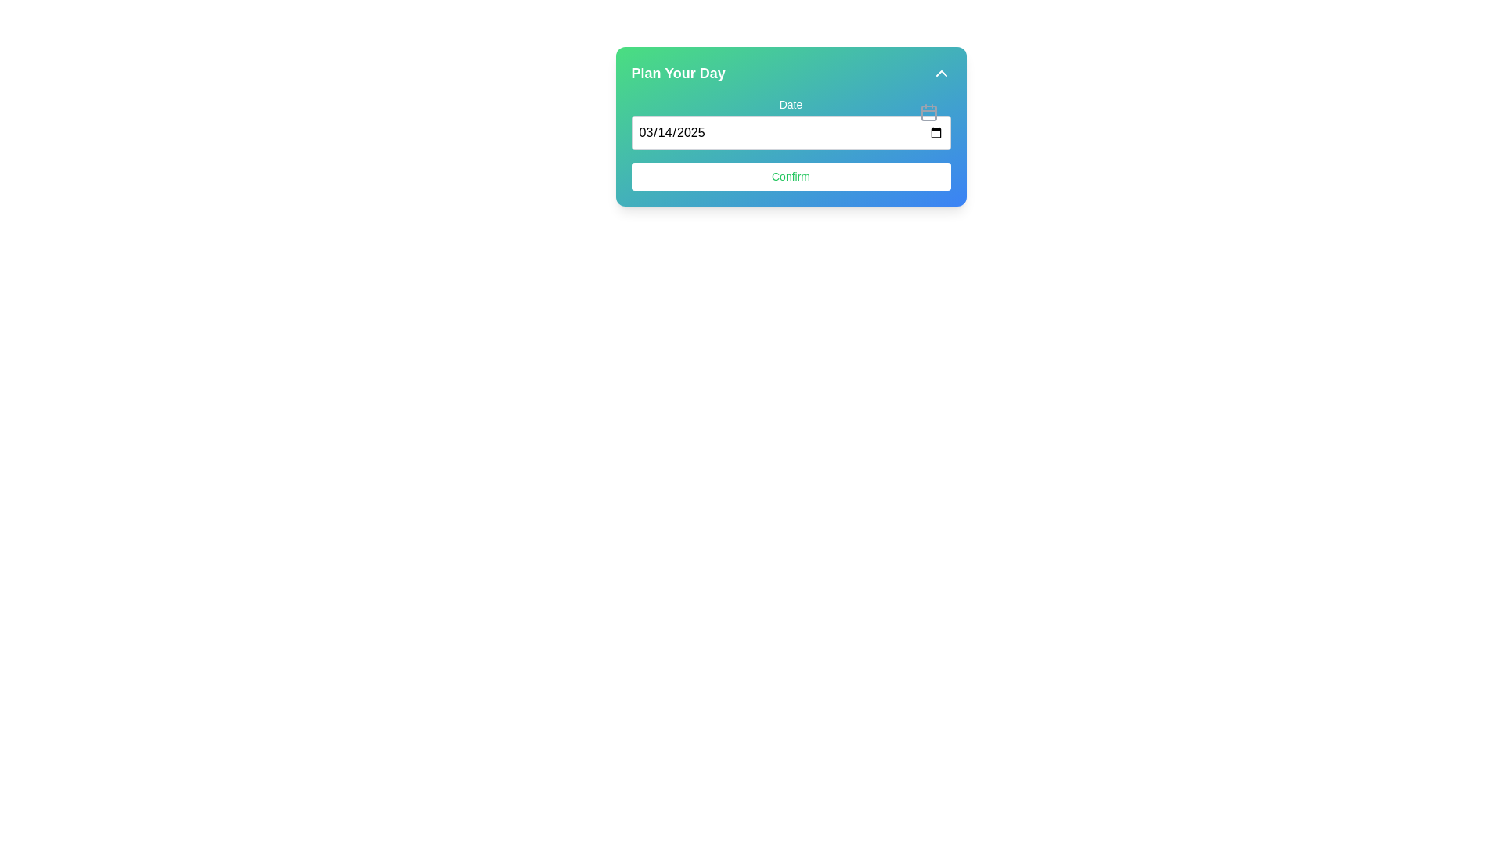 The image size is (1503, 845). I want to click on the SVG Rectangle that is part of the calendar icon located on the right side of the horizontal input field labeled 'Date', so click(928, 113).